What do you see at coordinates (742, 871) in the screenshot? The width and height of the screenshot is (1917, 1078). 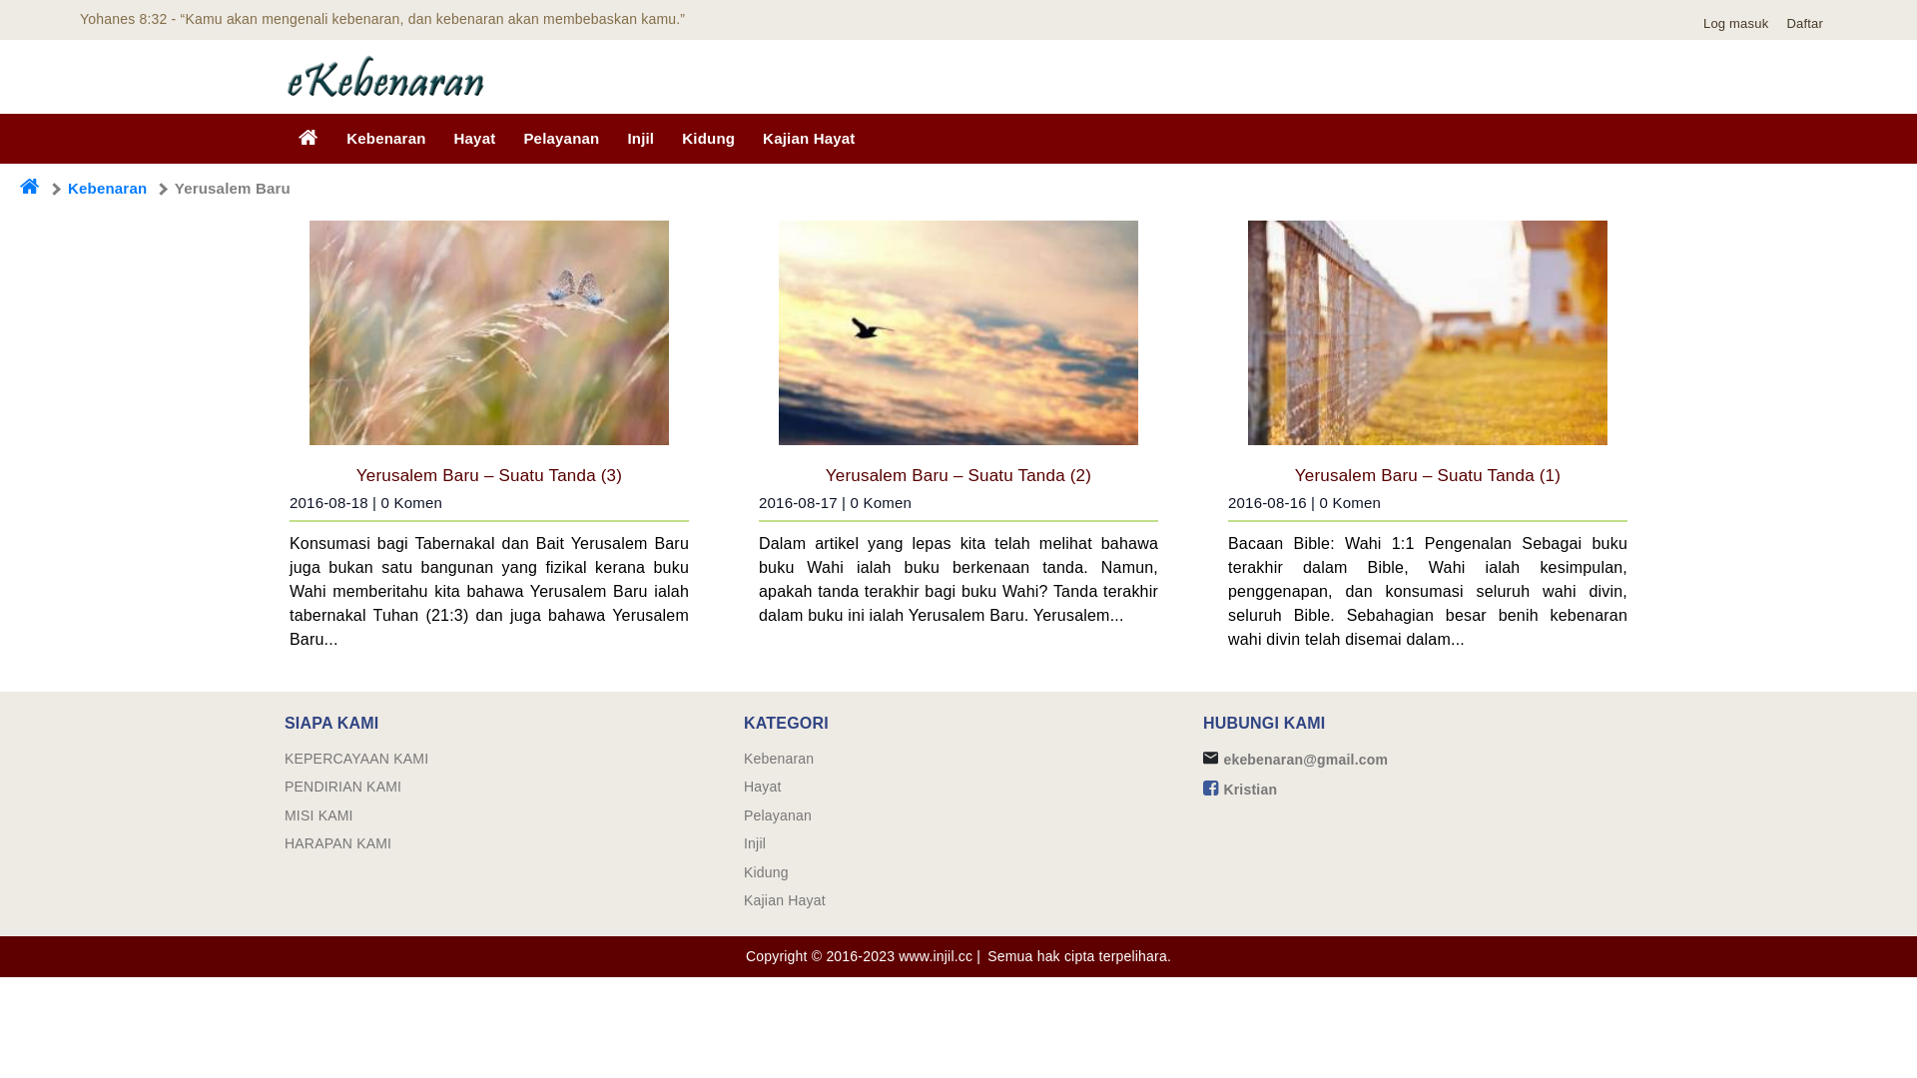 I see `'Kidung'` at bounding box center [742, 871].